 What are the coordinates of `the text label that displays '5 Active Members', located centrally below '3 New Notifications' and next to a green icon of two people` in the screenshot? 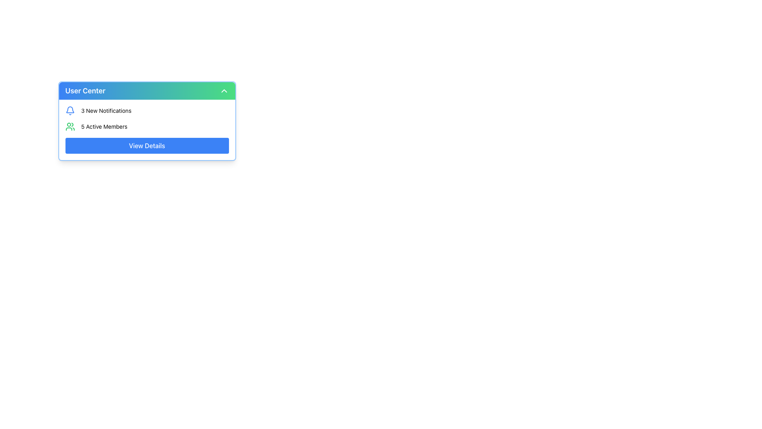 It's located at (104, 126).